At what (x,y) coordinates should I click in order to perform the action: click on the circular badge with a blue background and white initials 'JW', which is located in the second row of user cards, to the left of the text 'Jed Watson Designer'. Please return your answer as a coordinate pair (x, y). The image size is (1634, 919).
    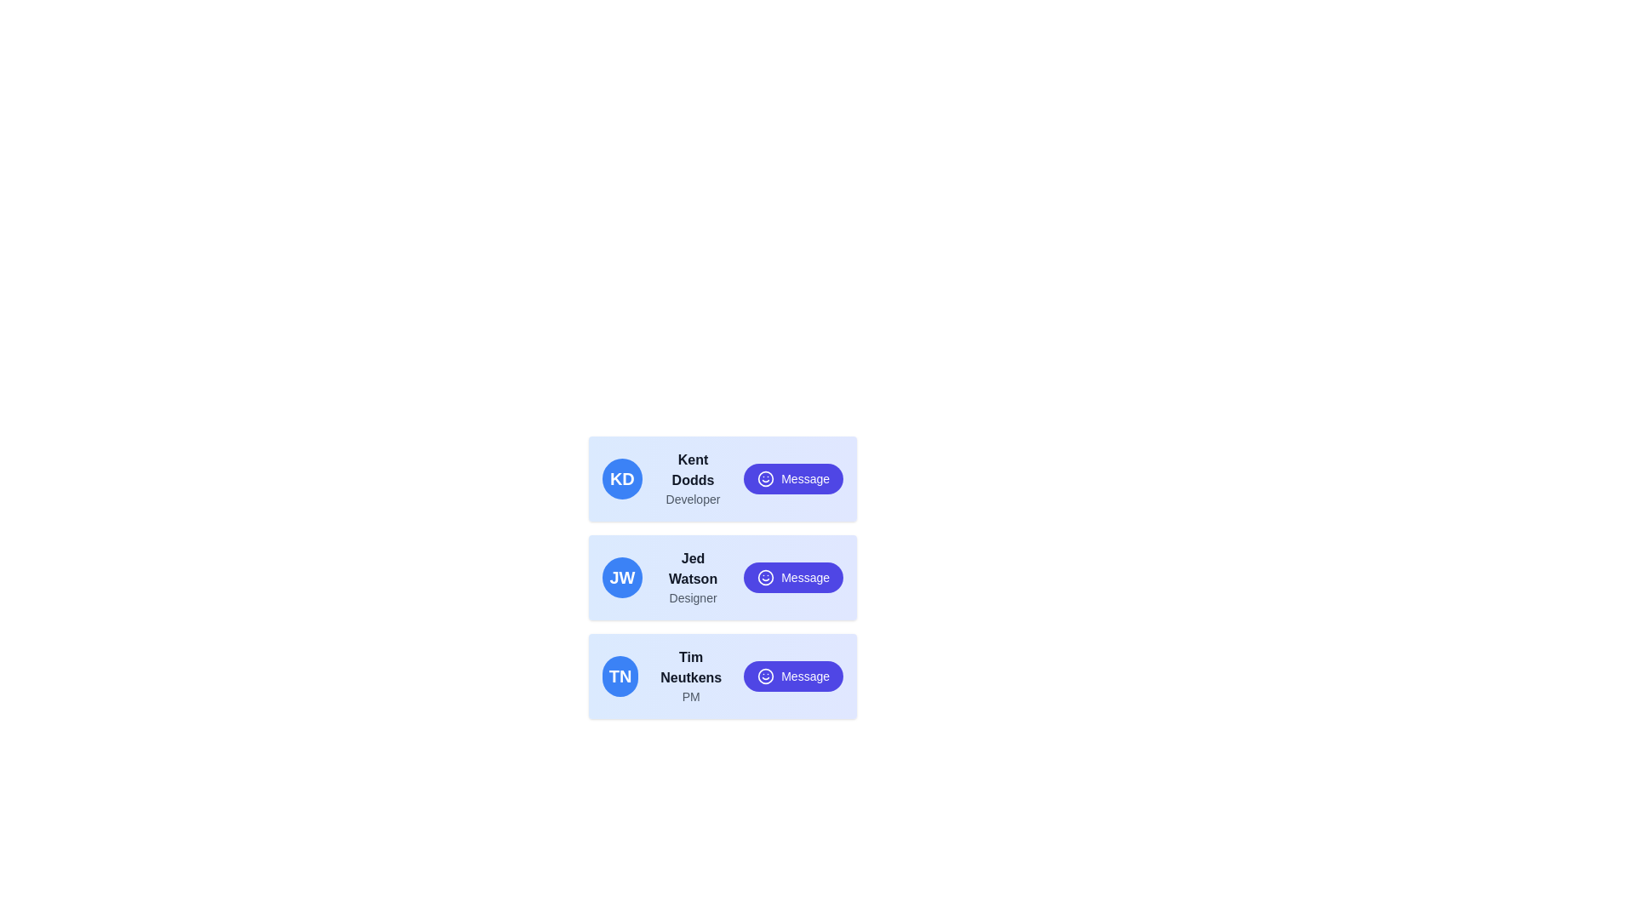
    Looking at the image, I should click on (621, 576).